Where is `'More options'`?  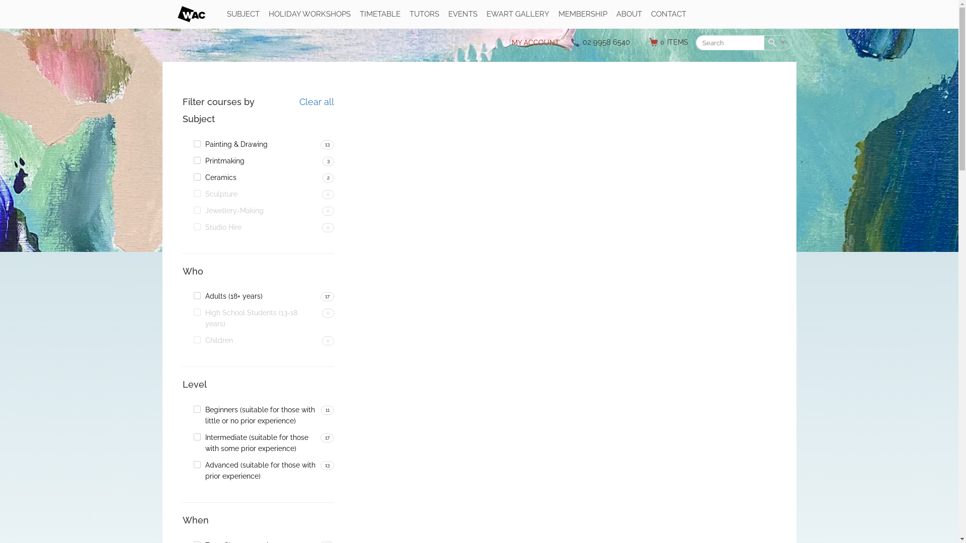 'More options' is located at coordinates (782, 42).